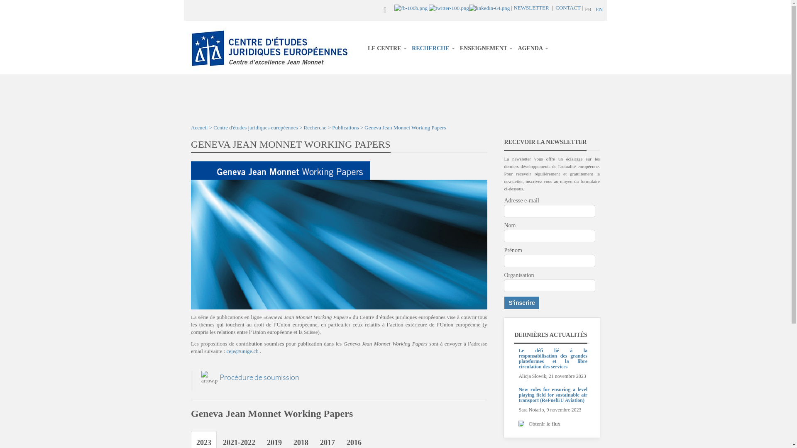 Image resolution: width=797 pixels, height=448 pixels. Describe the element at coordinates (486, 48) in the screenshot. I see `'ENSEIGNEMENT'` at that location.